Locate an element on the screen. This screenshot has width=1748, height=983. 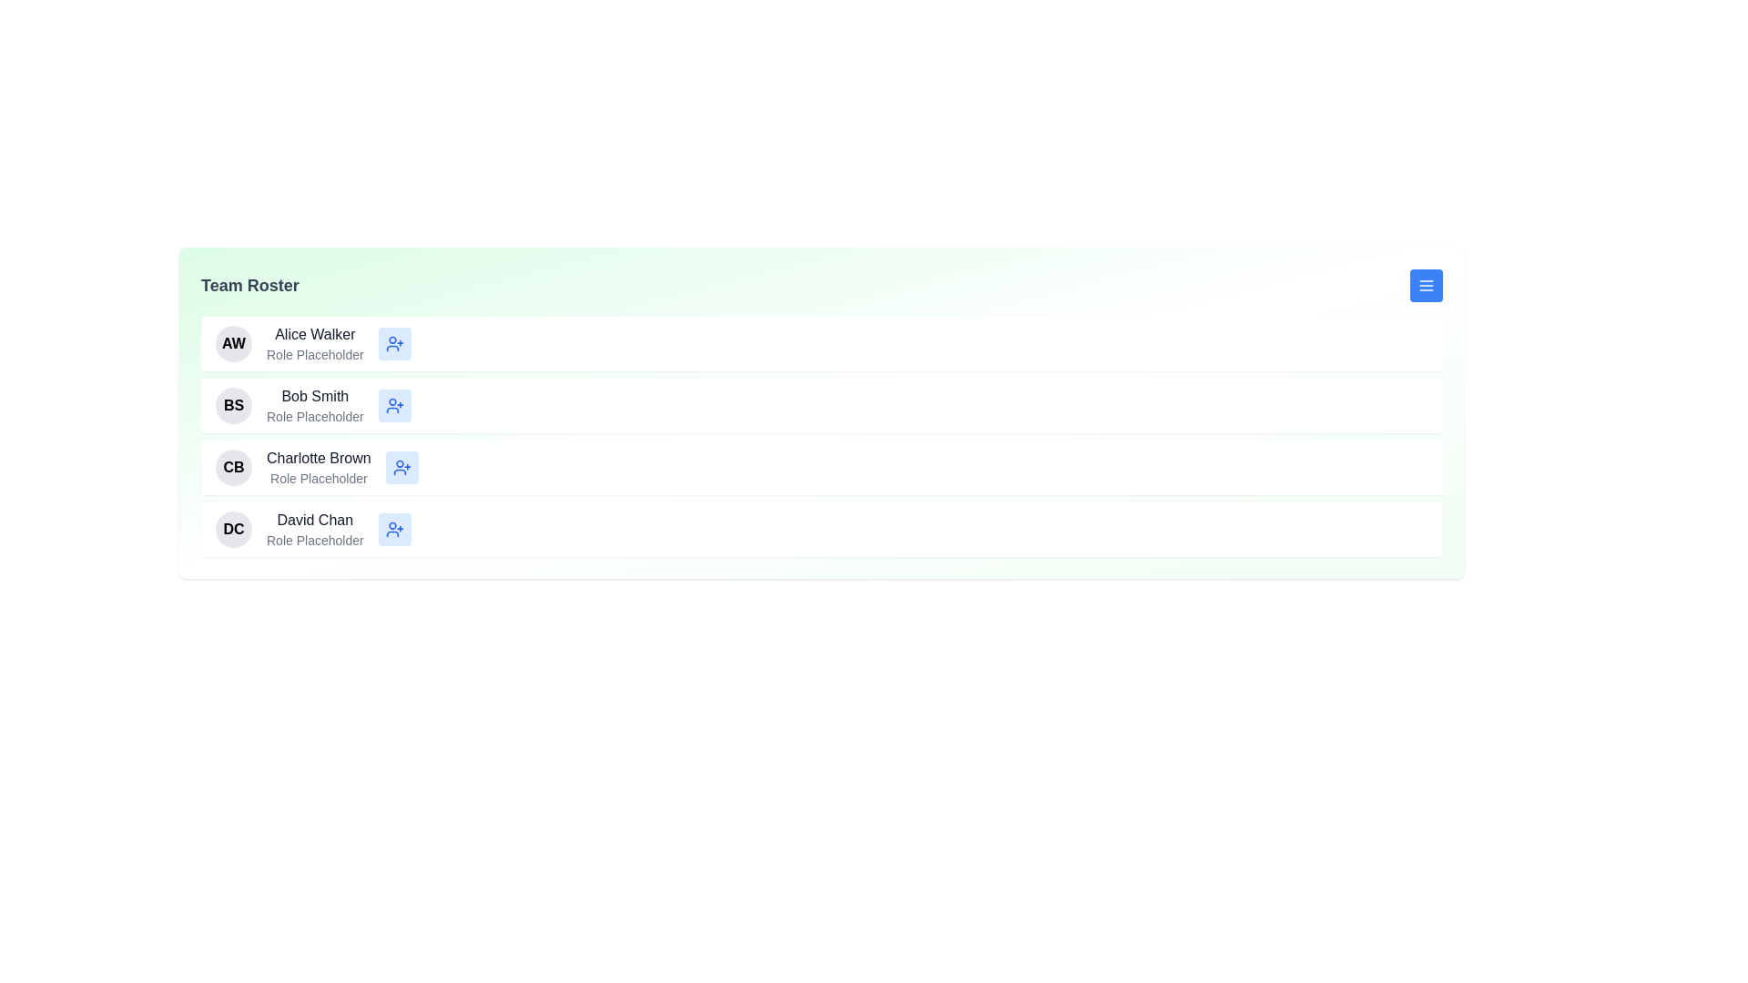
the blue user profile SVG icon with an addition symbol located within a rounded background, positioned at the right end of the entry for 'Bob Smith' in the 'Team Roster' list is located at coordinates (393, 405).